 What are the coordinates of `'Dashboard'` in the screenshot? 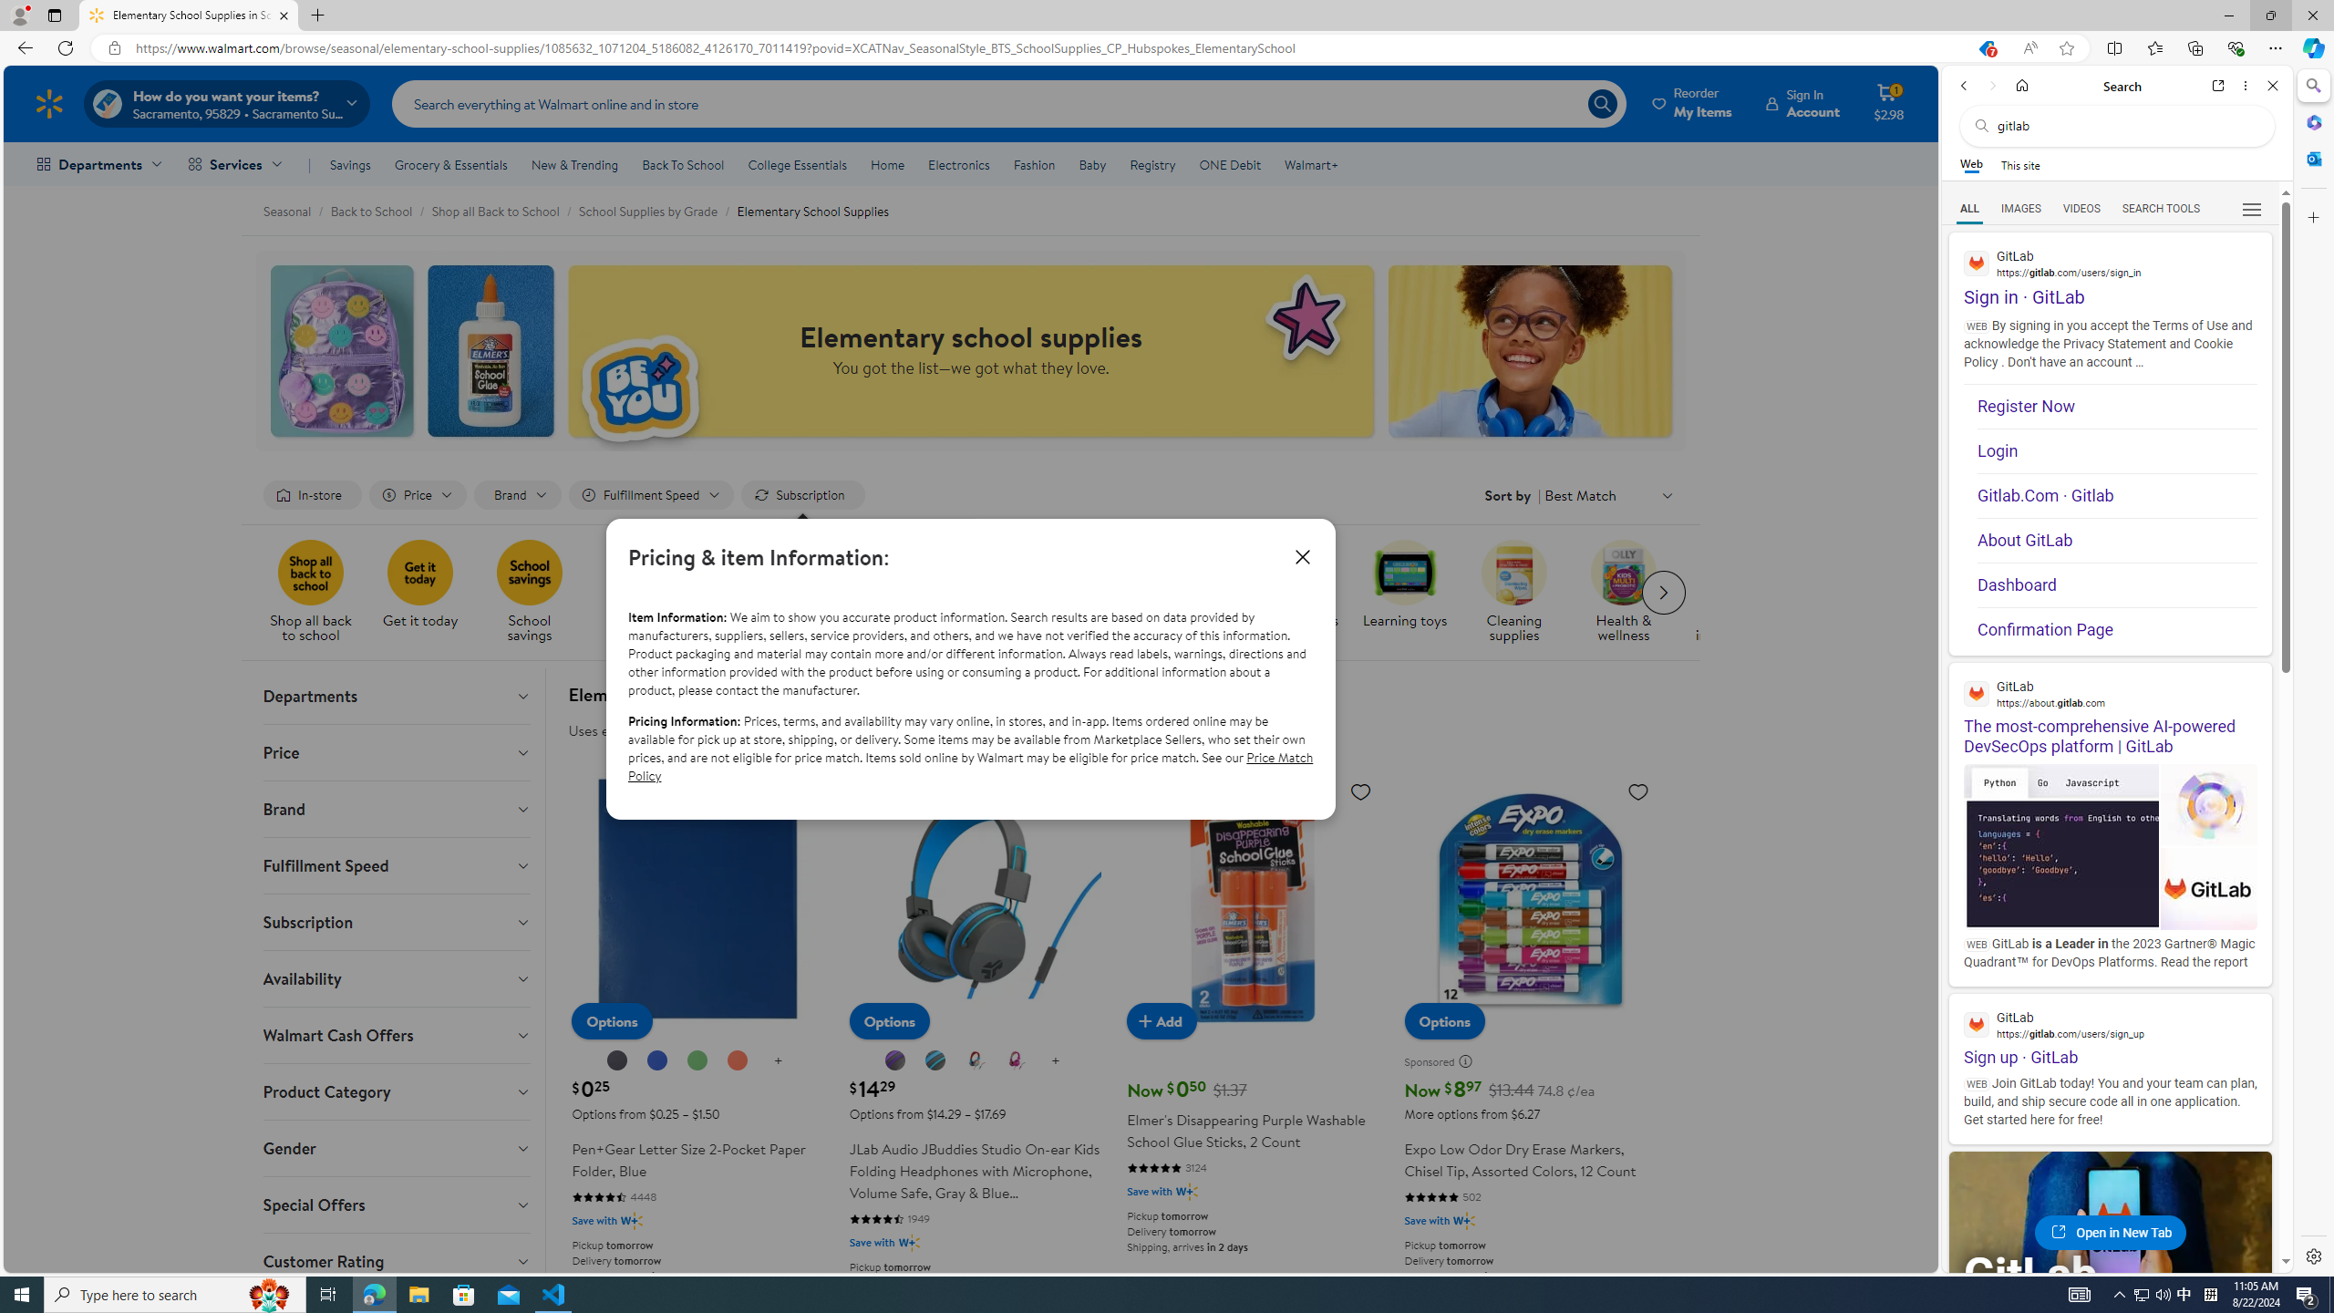 It's located at (2115, 585).